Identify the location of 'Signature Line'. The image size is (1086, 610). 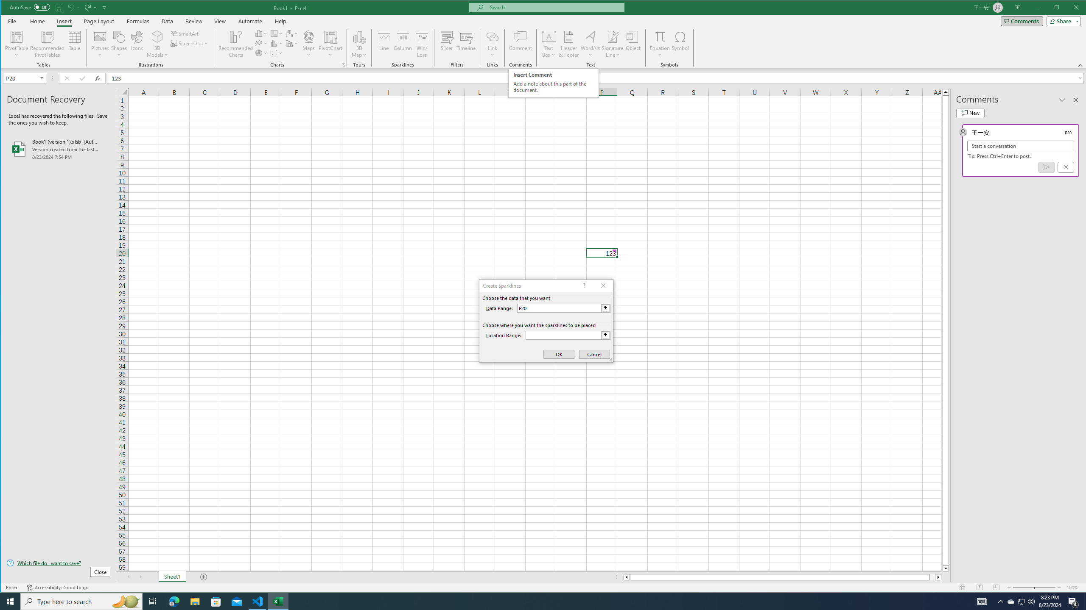
(613, 36).